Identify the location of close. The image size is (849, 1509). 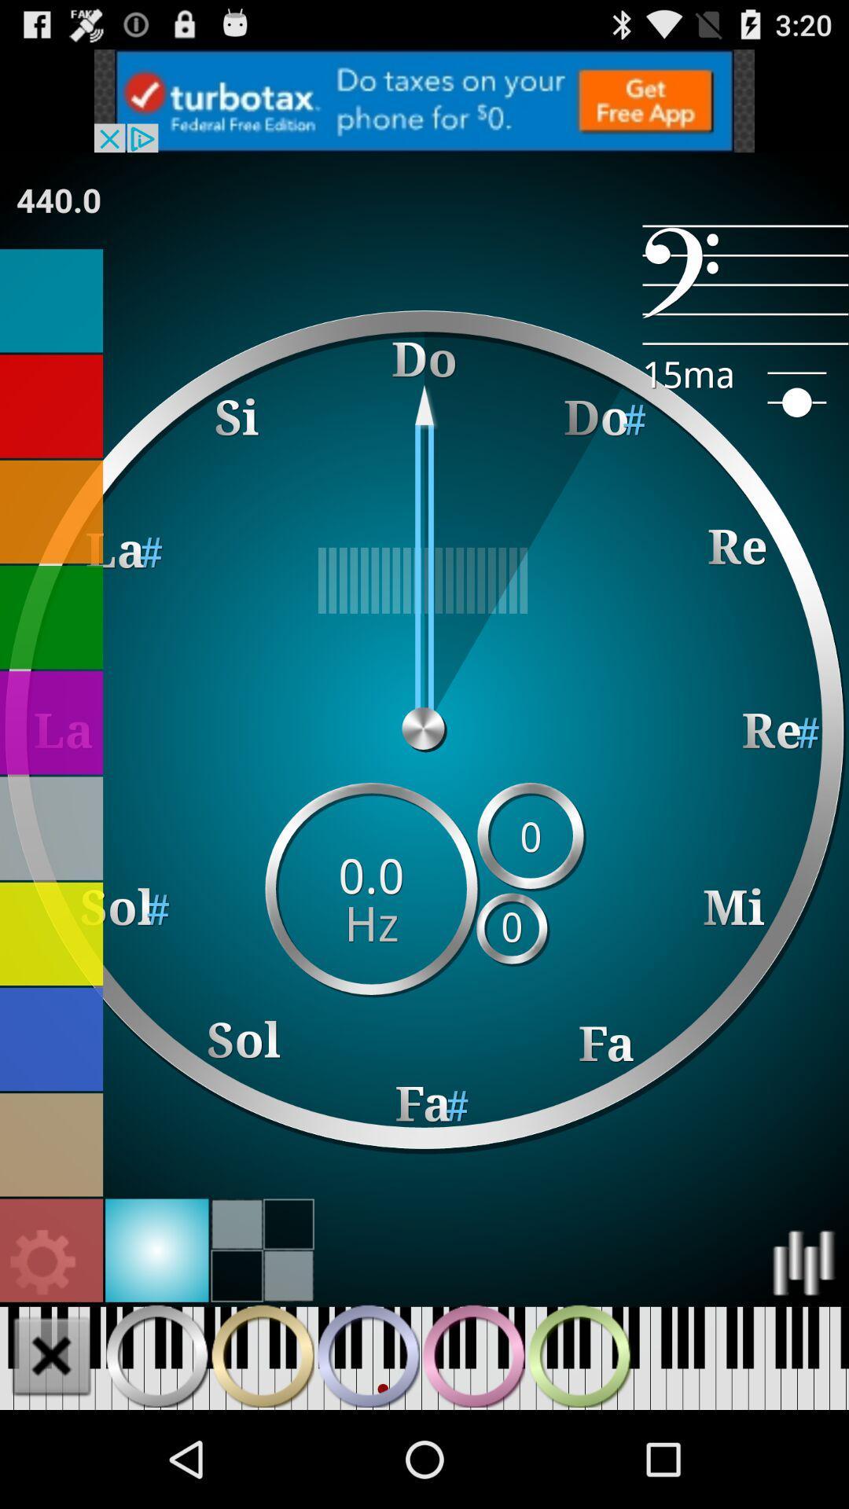
(50, 1355).